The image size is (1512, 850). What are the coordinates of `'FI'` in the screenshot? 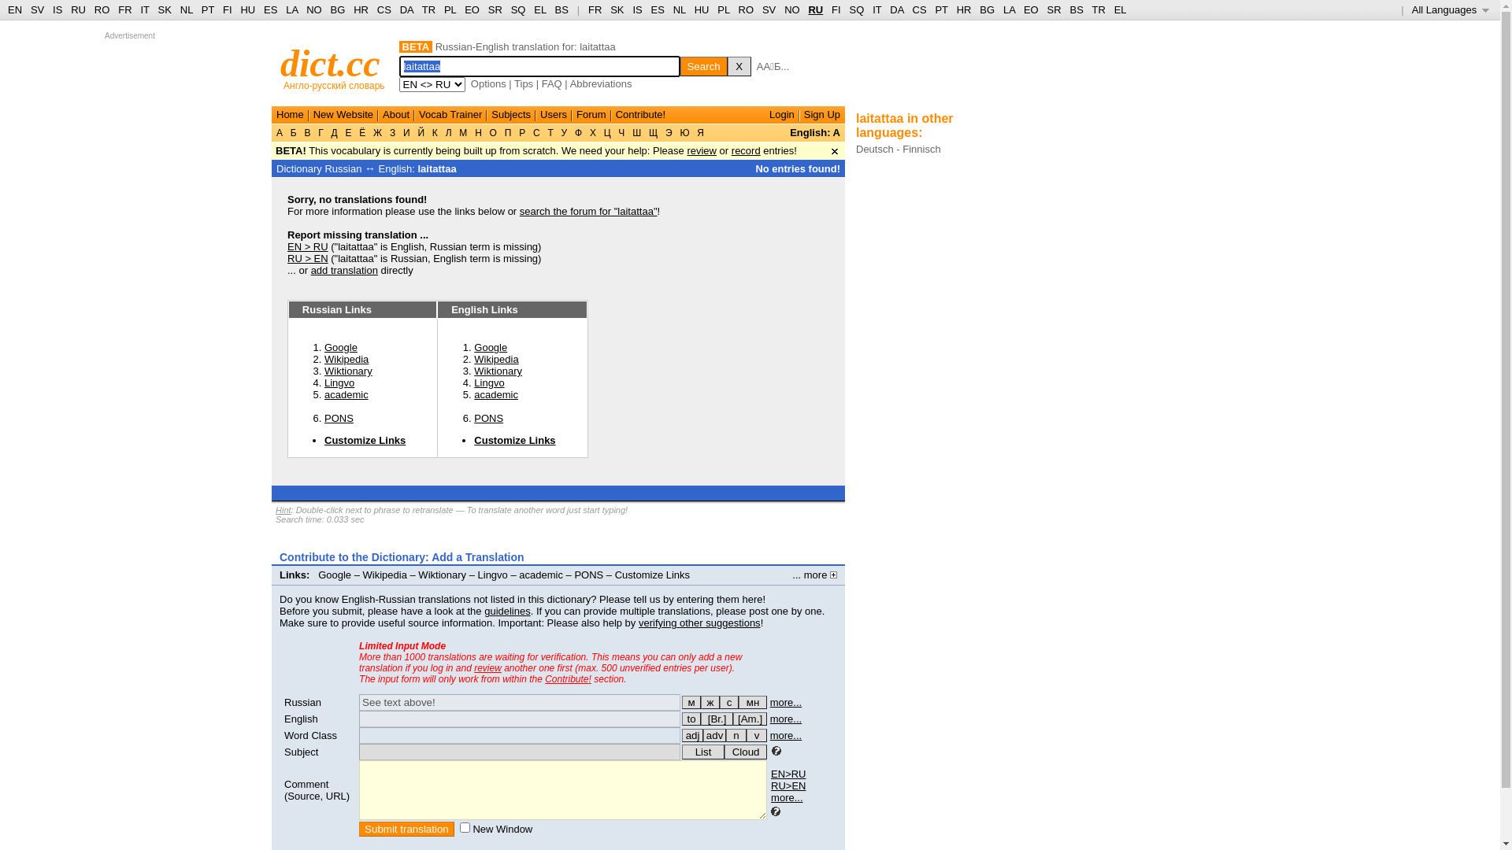 It's located at (835, 9).